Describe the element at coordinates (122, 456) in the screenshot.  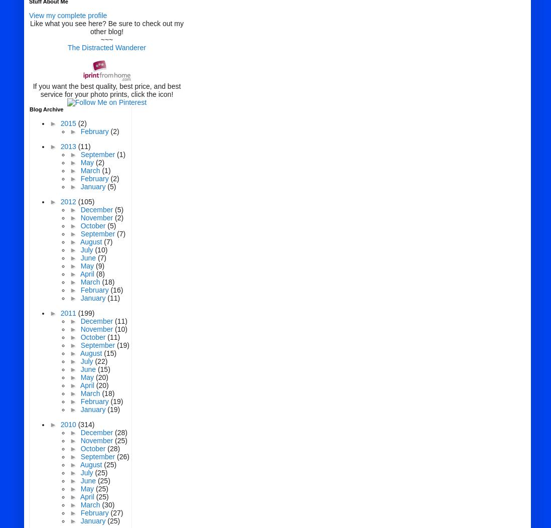
I see `'(26)'` at that location.